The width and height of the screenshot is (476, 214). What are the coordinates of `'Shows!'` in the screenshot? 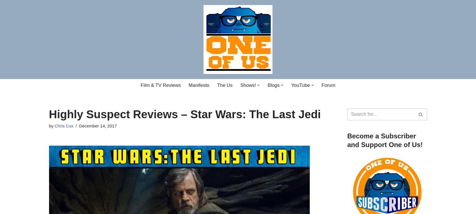 It's located at (248, 85).